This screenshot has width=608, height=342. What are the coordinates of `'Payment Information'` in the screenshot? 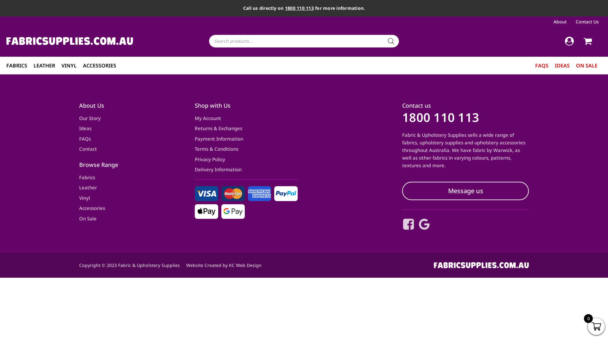 It's located at (219, 138).